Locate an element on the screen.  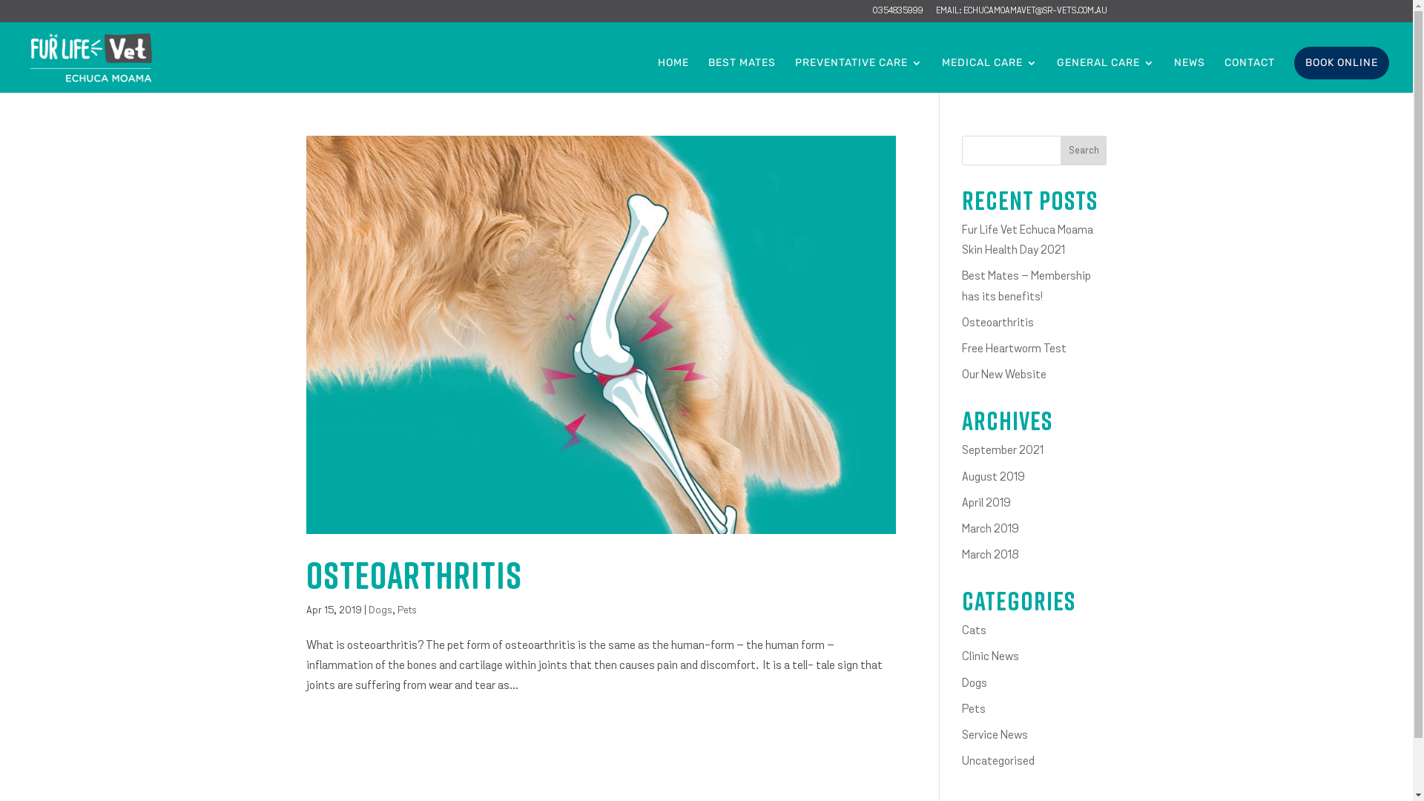
'August 2019' is located at coordinates (993, 478).